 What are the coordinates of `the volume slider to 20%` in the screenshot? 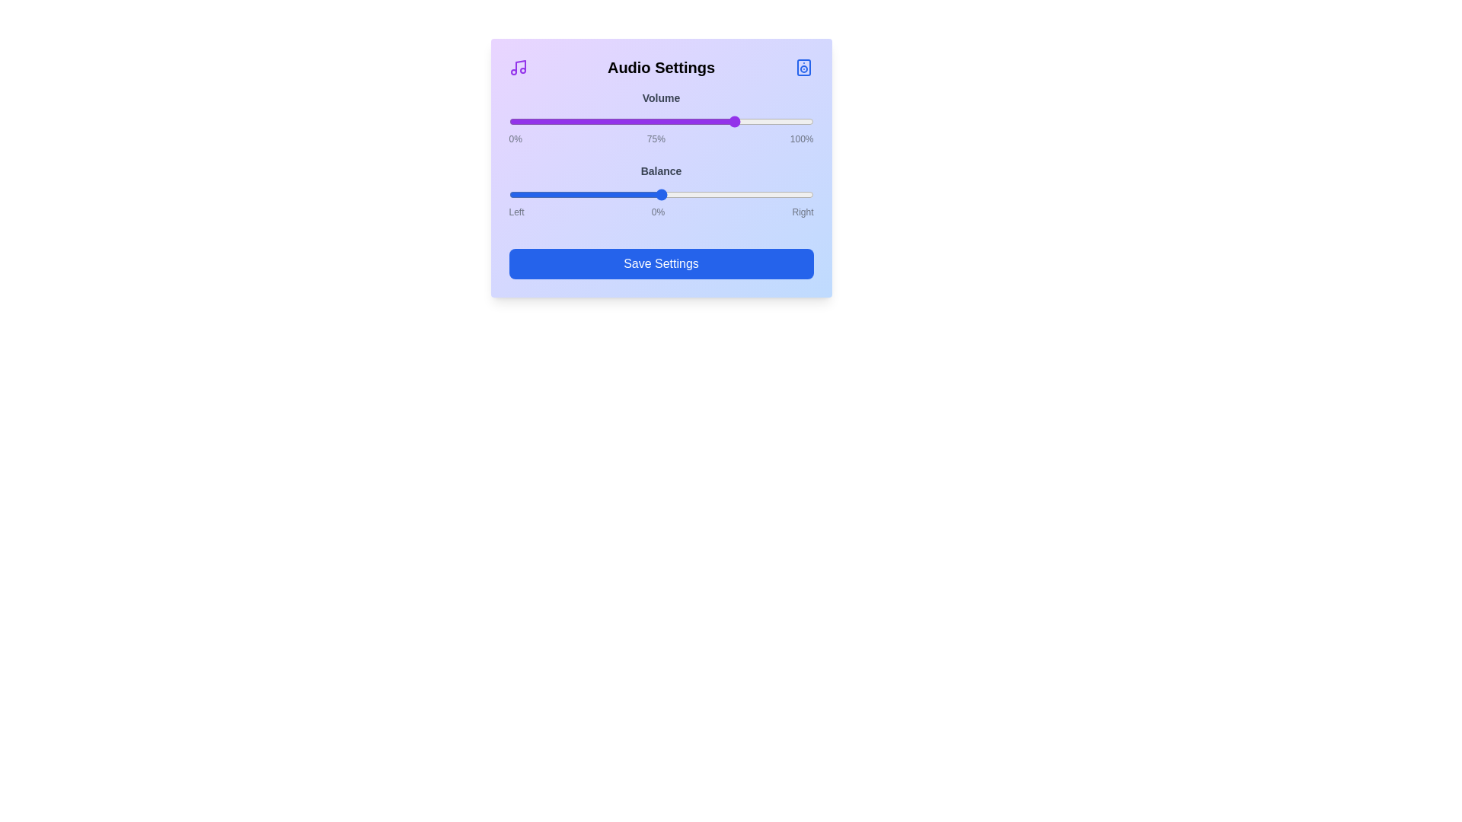 It's located at (569, 120).